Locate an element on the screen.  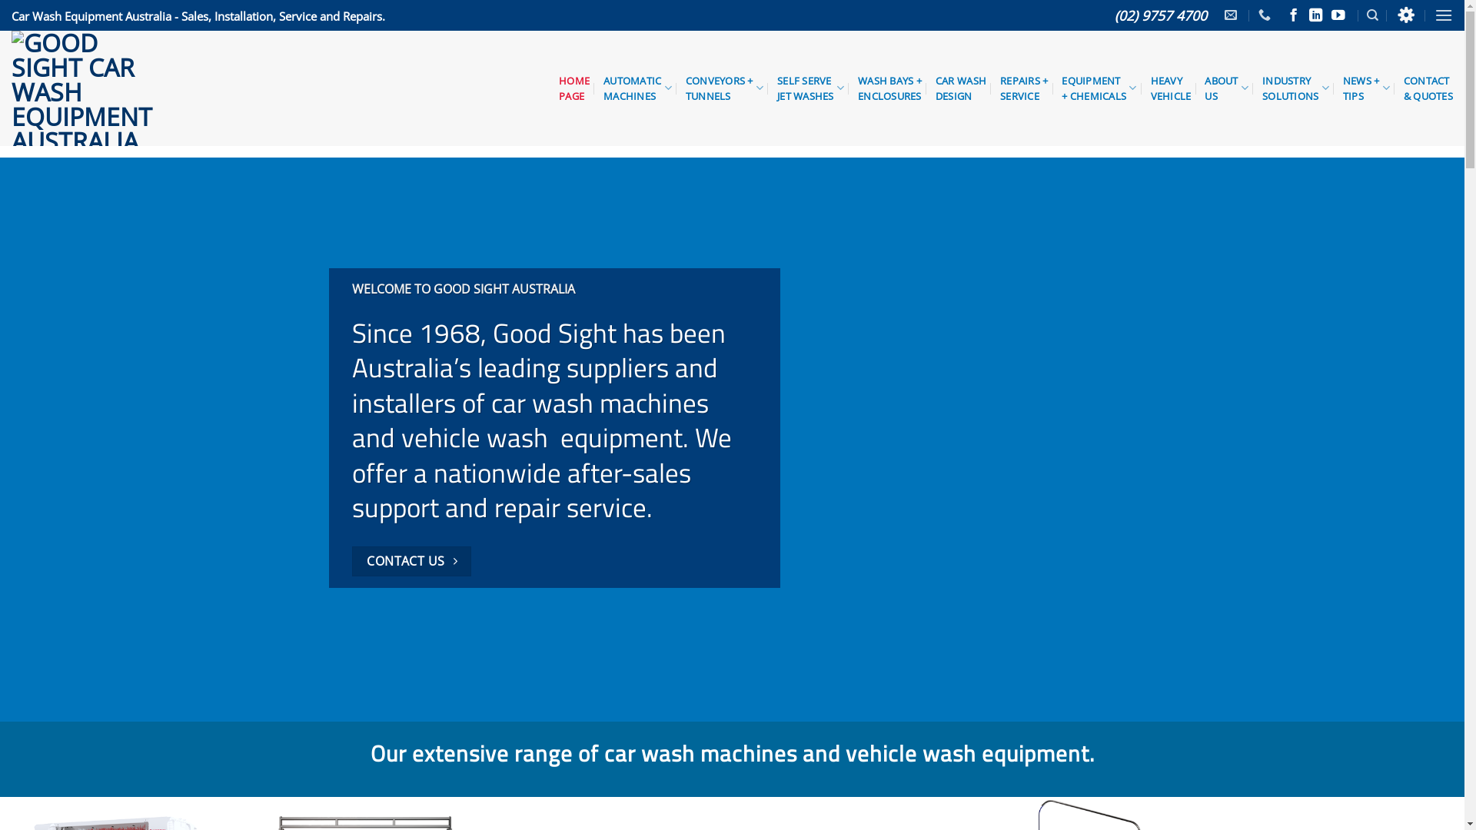
'CONTACT US' is located at coordinates (412, 561).